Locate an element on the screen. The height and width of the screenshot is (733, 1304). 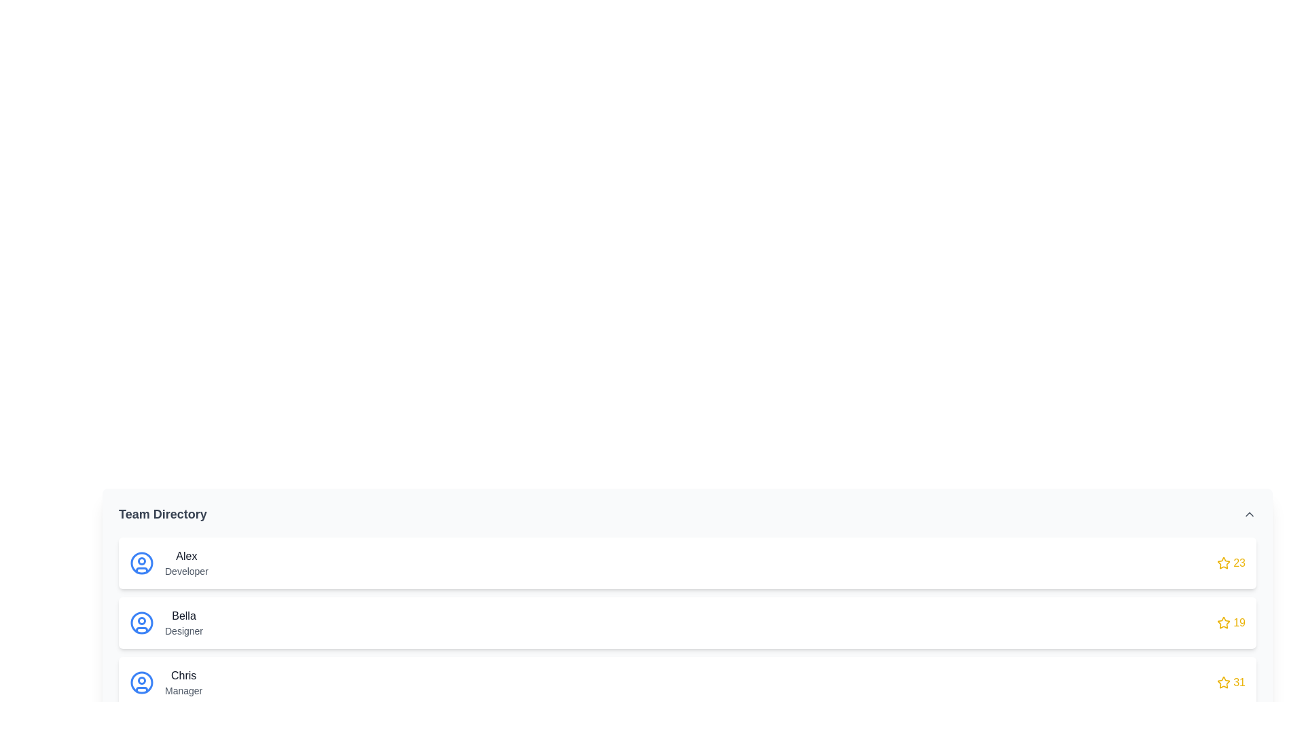
the rating element associated with the user 'Chris' located at the far-right side of the third row in the team directory list is located at coordinates (1231, 683).